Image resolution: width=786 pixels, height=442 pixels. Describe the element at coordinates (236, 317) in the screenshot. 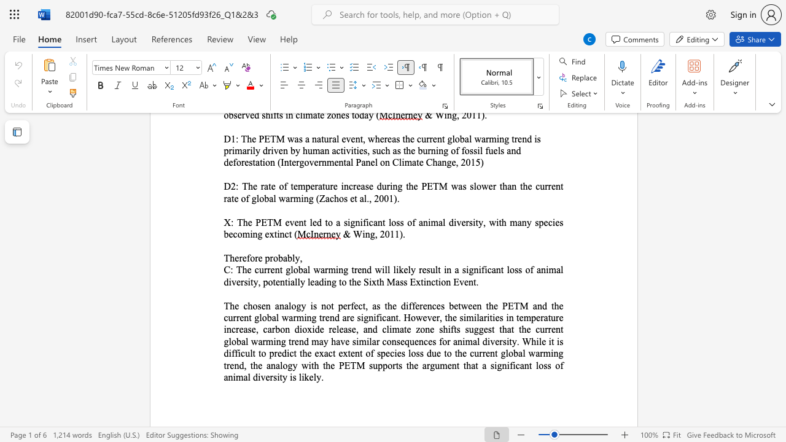

I see `the space between the continuous character "r" and "r" in the text` at that location.